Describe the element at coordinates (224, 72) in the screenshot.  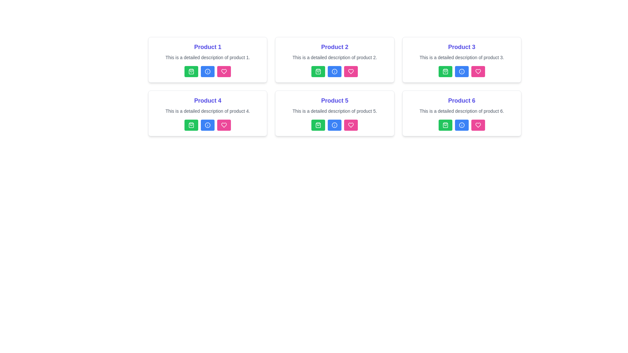
I see `the heart icon button with a pink fill and white border to mark or unmark 'Product 4' as a favorite` at that location.